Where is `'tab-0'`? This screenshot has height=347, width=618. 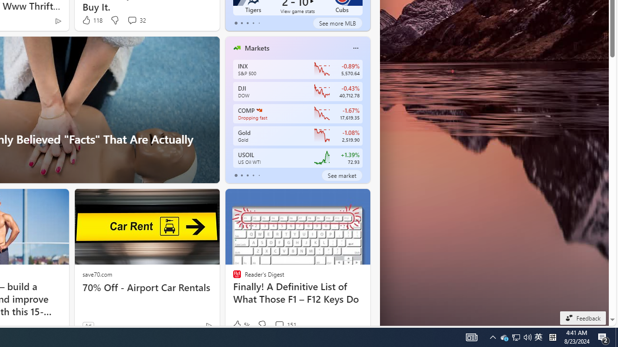
'tab-0' is located at coordinates (236, 175).